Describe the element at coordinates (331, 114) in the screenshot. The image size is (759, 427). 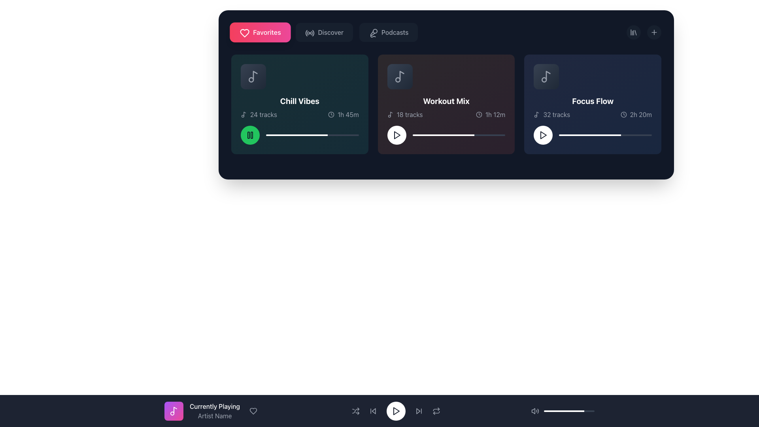
I see `the clock icon representing the time-related metadata for the 'Chill Vibes' song set, located in the top-left card of the interface` at that location.